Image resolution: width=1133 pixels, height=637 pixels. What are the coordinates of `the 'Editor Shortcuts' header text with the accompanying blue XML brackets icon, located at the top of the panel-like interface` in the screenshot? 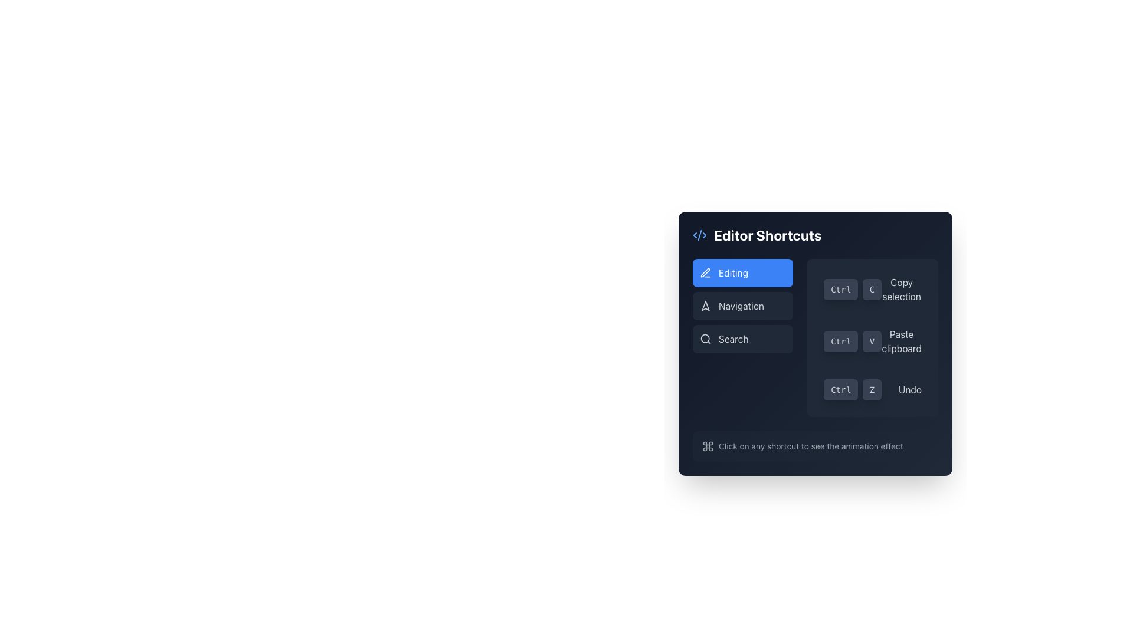 It's located at (815, 235).